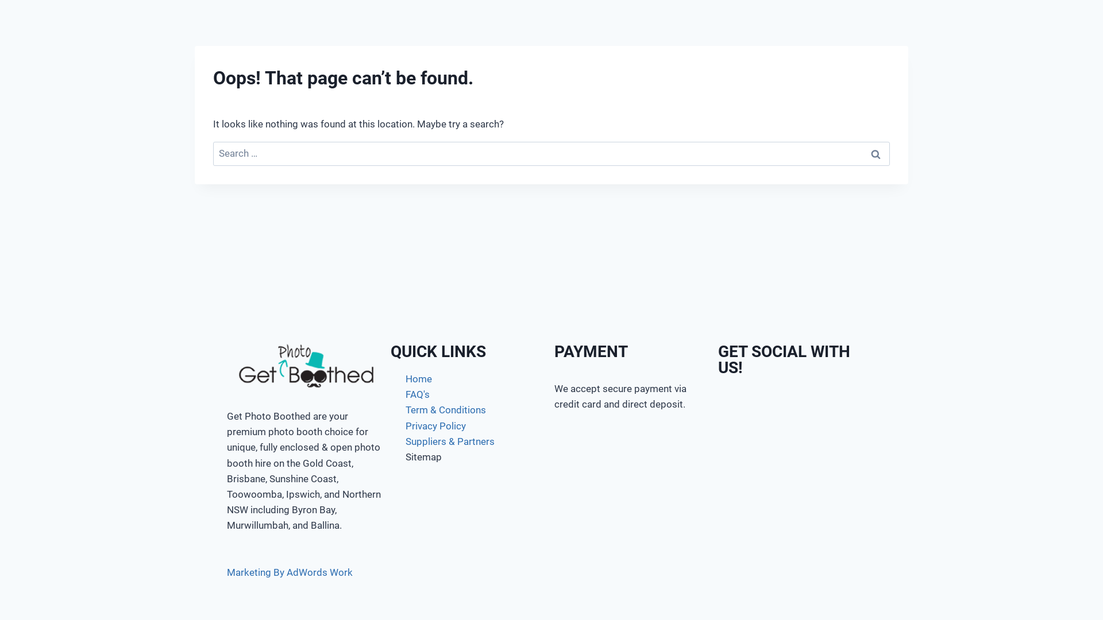 The height and width of the screenshot is (620, 1103). Describe the element at coordinates (874, 153) in the screenshot. I see `'Search'` at that location.